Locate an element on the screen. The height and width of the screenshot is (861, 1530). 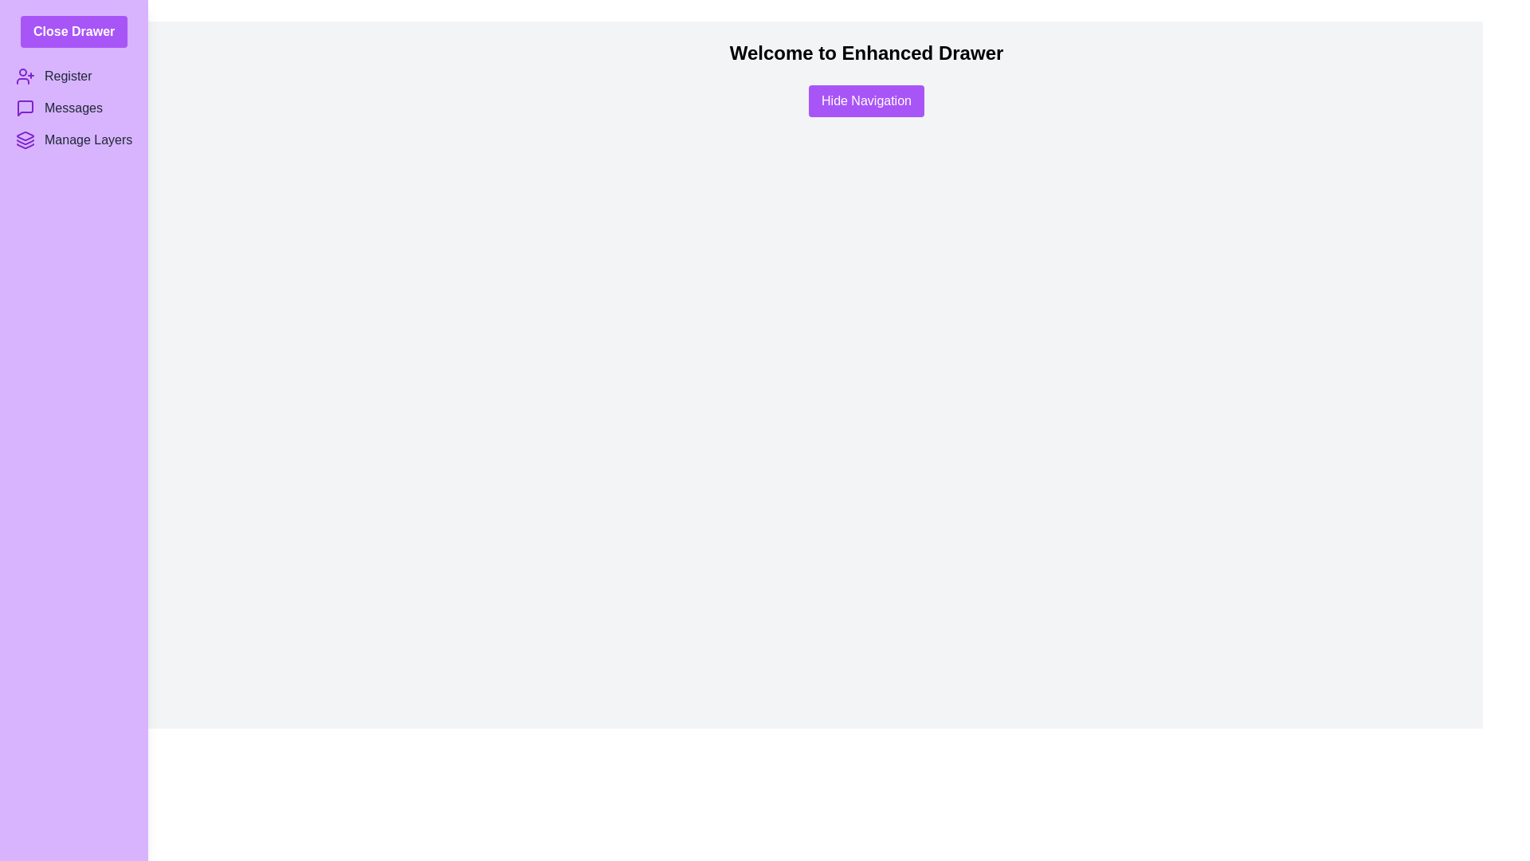
the 'Messages' menu item to select it is located at coordinates (73, 108).